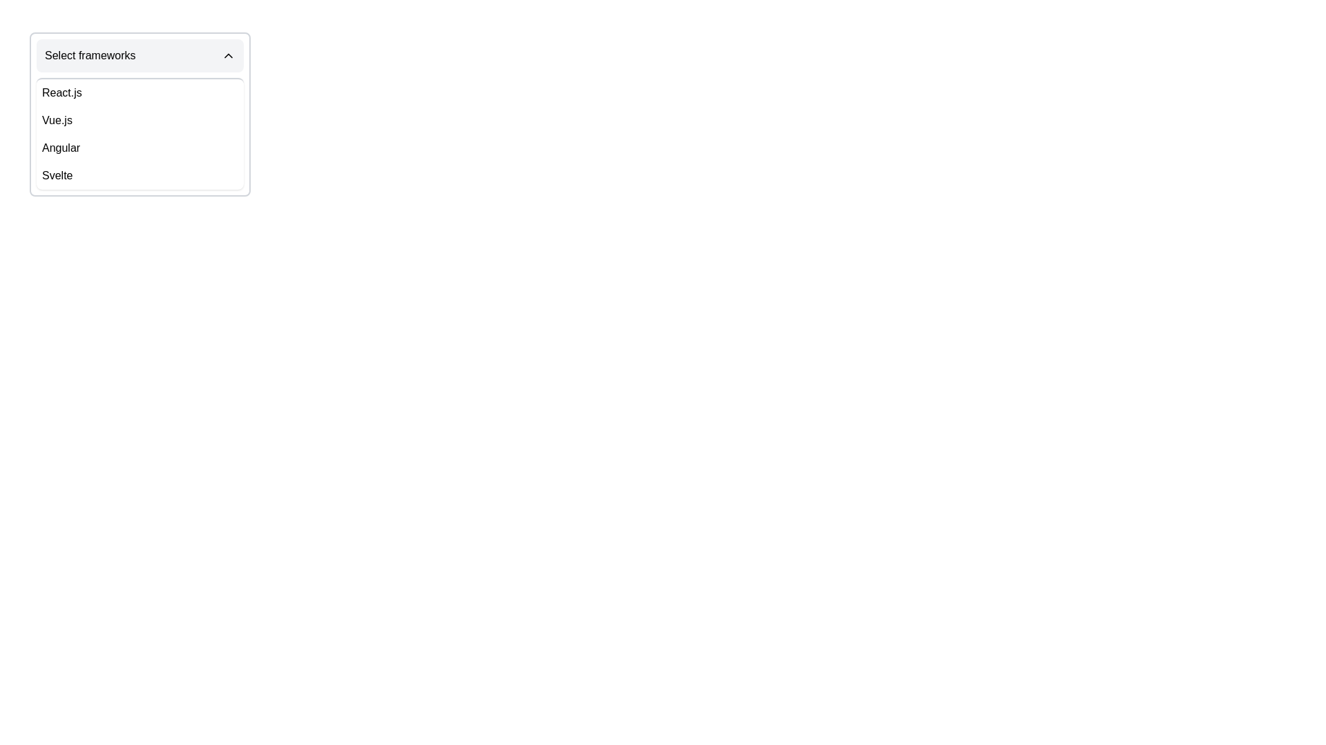 The width and height of the screenshot is (1326, 745). What do you see at coordinates (61, 93) in the screenshot?
I see `the 'React.js' text label in the dropdown menu under 'Select frameworks'` at bounding box center [61, 93].